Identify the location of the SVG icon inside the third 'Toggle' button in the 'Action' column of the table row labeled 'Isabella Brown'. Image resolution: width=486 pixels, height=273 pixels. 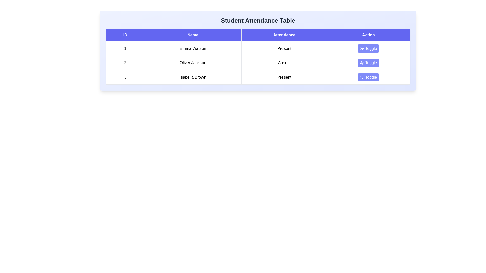
(362, 77).